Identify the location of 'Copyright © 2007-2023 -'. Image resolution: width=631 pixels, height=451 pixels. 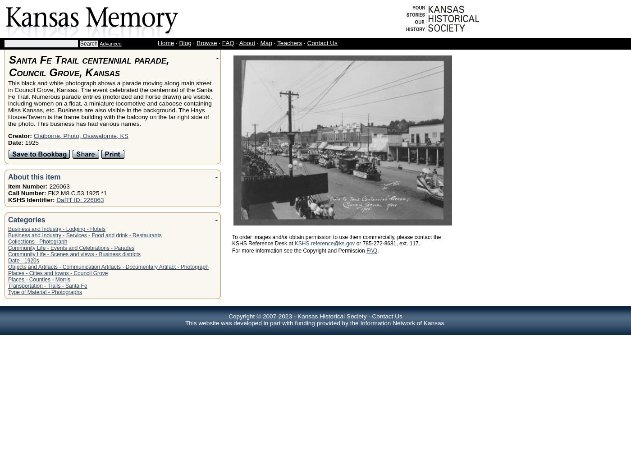
(263, 316).